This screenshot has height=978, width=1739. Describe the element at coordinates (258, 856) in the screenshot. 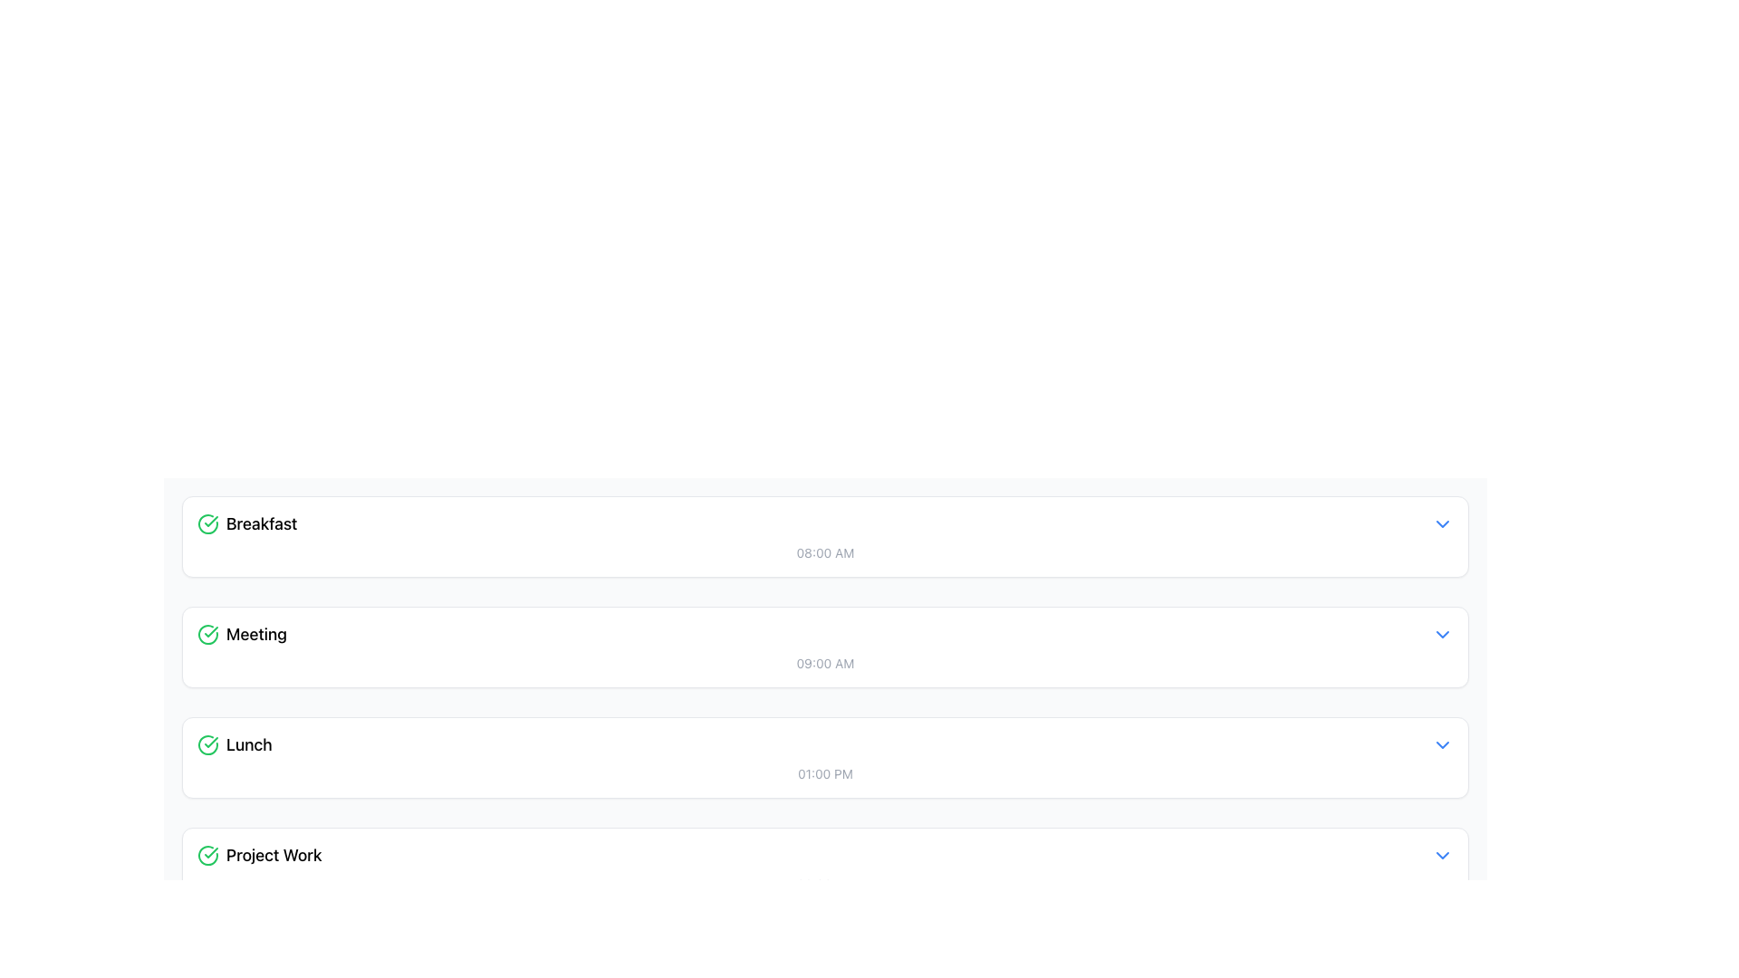

I see `text displaying information about 'Project Work' located at the bottom of a list of completed tasks, indicated by a green check icon on the left` at that location.